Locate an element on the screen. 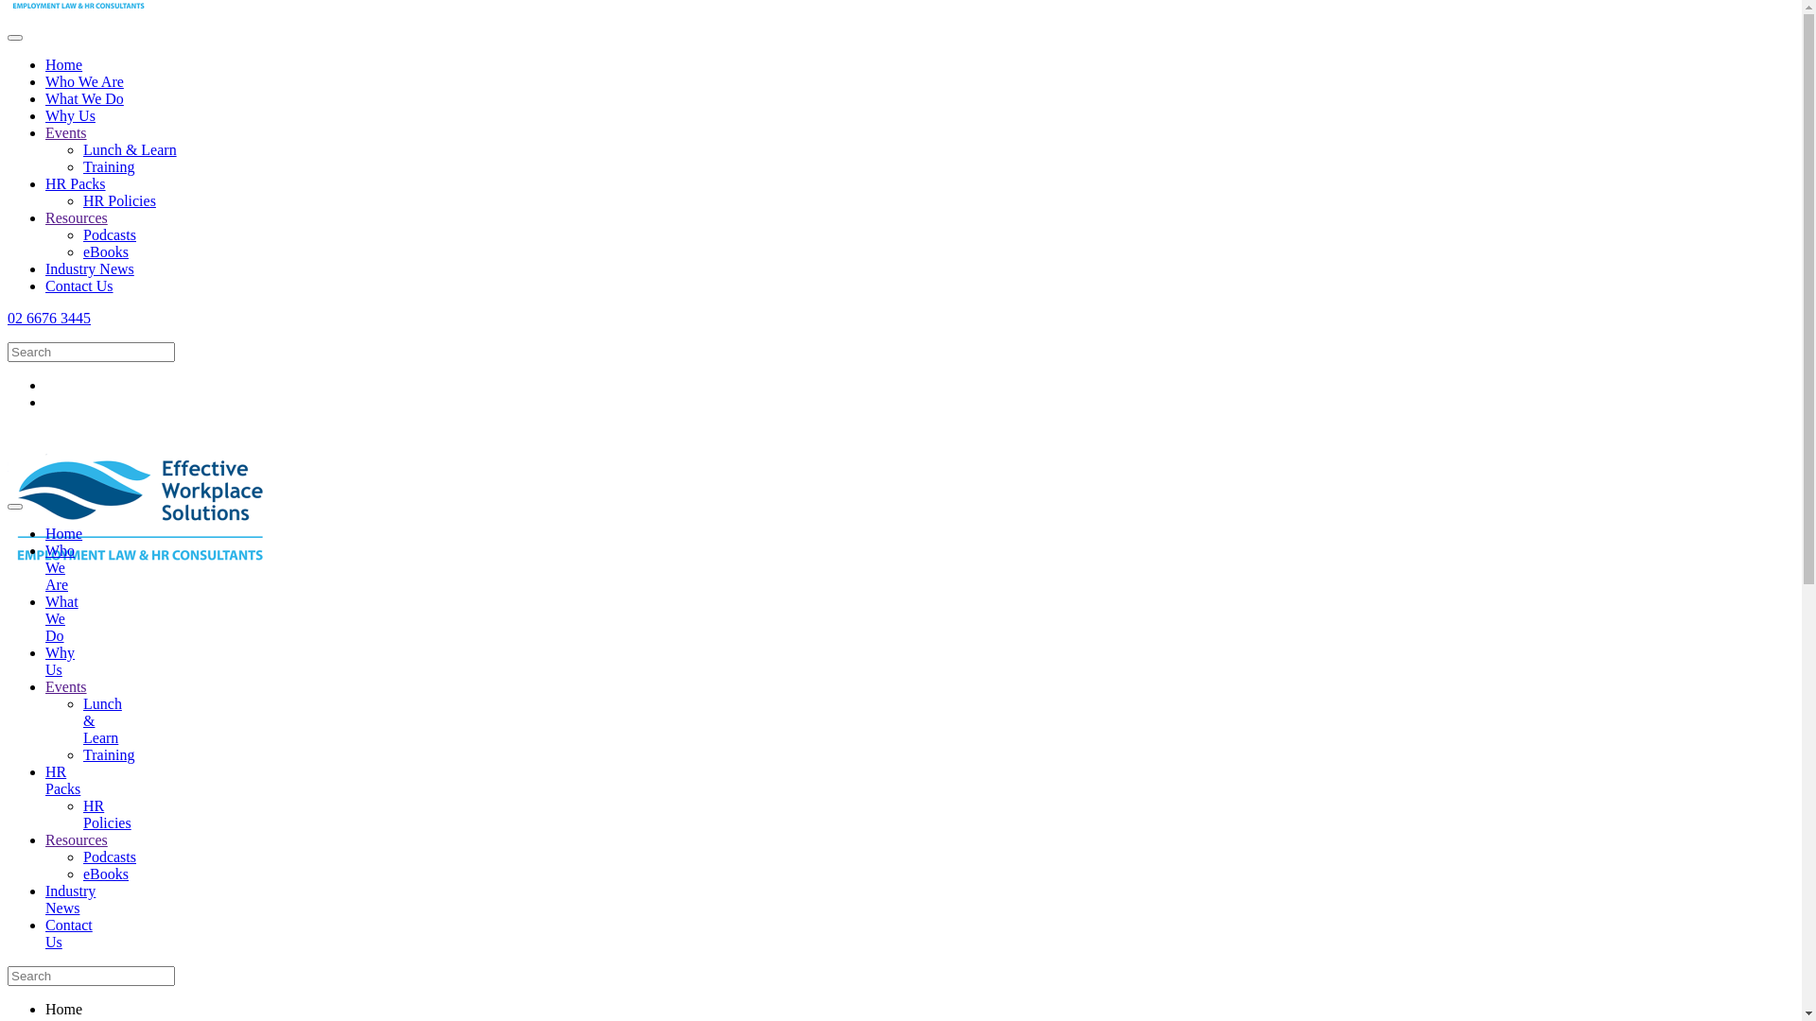 The width and height of the screenshot is (1816, 1021). 'Resources' is located at coordinates (76, 216).